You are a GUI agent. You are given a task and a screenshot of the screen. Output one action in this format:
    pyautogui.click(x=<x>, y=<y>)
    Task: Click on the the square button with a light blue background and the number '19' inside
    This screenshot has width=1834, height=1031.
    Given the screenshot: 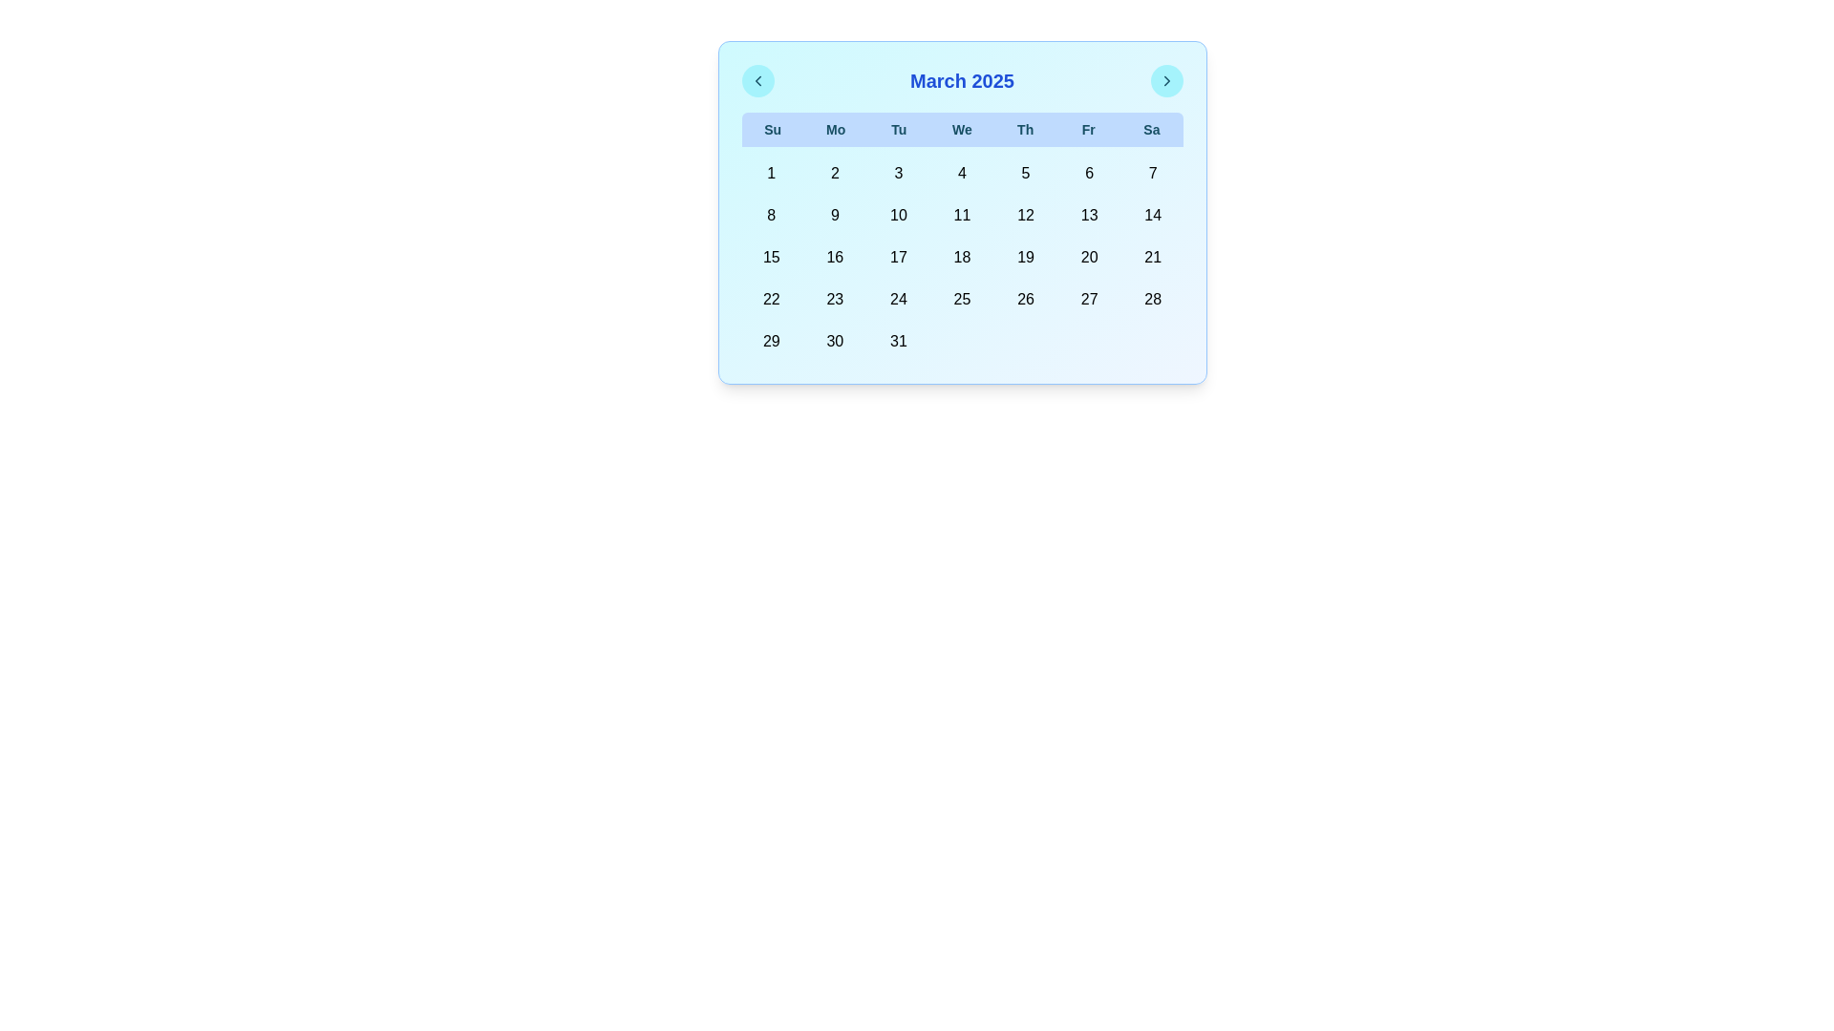 What is the action you would take?
    pyautogui.click(x=1025, y=258)
    